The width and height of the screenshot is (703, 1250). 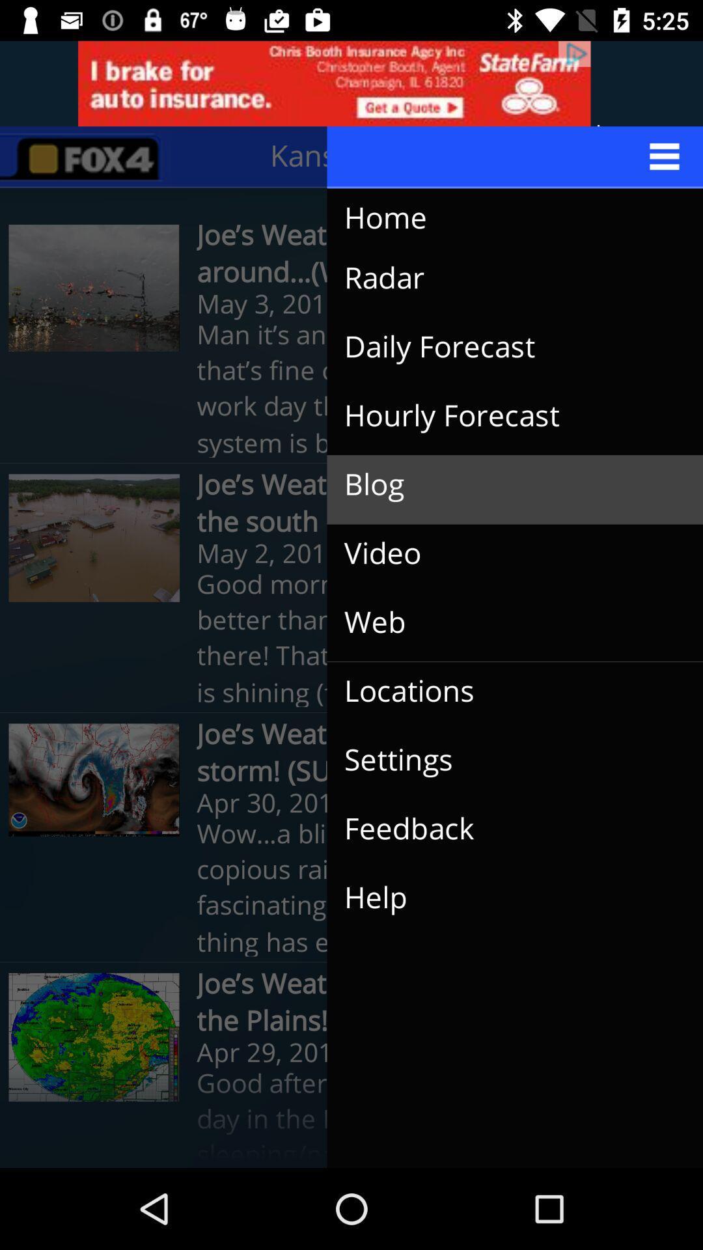 I want to click on web icon, so click(x=504, y=622).